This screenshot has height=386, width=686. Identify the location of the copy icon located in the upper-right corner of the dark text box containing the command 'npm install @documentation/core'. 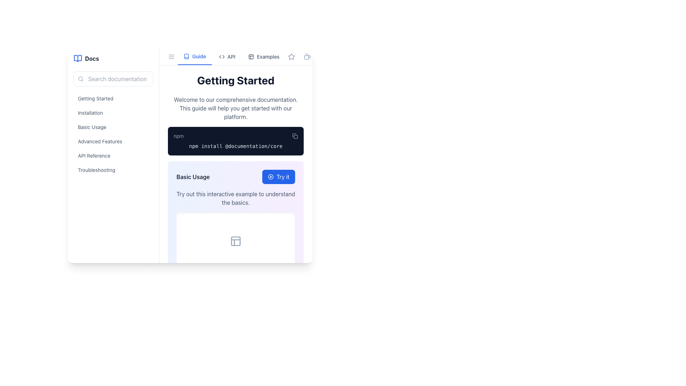
(296, 137).